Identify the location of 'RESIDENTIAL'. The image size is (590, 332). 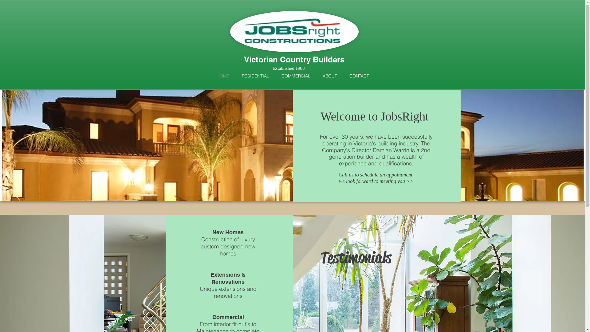
(255, 75).